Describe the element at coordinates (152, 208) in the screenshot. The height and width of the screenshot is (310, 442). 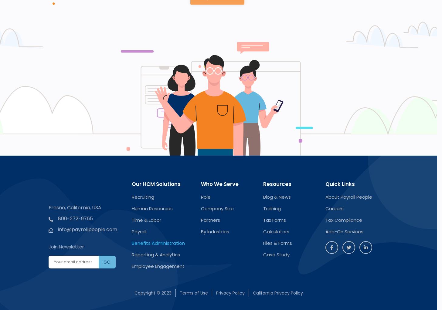
I see `'Human Resources'` at that location.